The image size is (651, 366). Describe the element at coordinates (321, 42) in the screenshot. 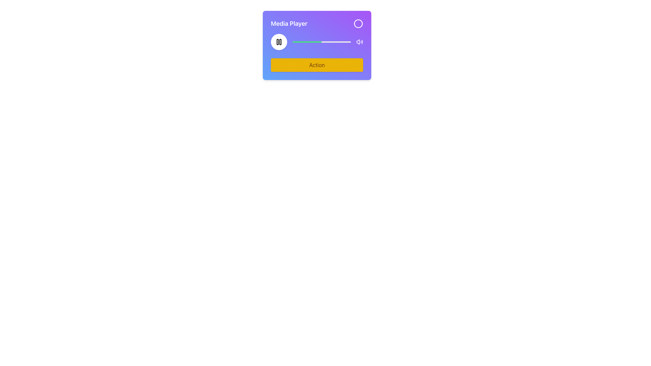

I see `the progress value of the horizontal progress bar, which is a thin, rounded rectangle with a light gray background and a green filled segment indicating progression` at that location.